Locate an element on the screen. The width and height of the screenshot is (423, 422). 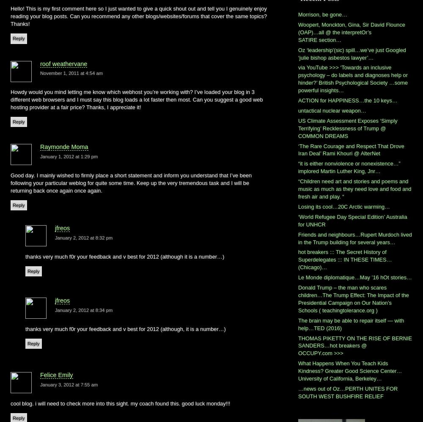
'“Children need art and stories and poems and music as much as they need love and food and fresh air and play. “' is located at coordinates (354, 188).